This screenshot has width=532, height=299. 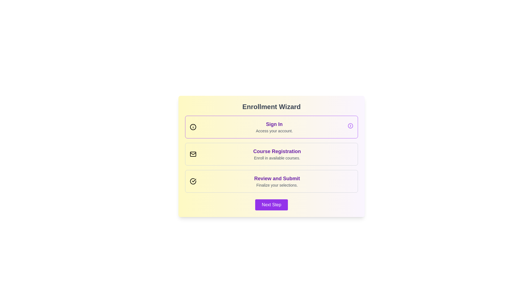 I want to click on text of the 'Sign In' section header and subheader, which is the first section in the enrollment wizard interface, positioned below 'Enrollment Wizard' and above 'Course Registration', so click(x=274, y=127).